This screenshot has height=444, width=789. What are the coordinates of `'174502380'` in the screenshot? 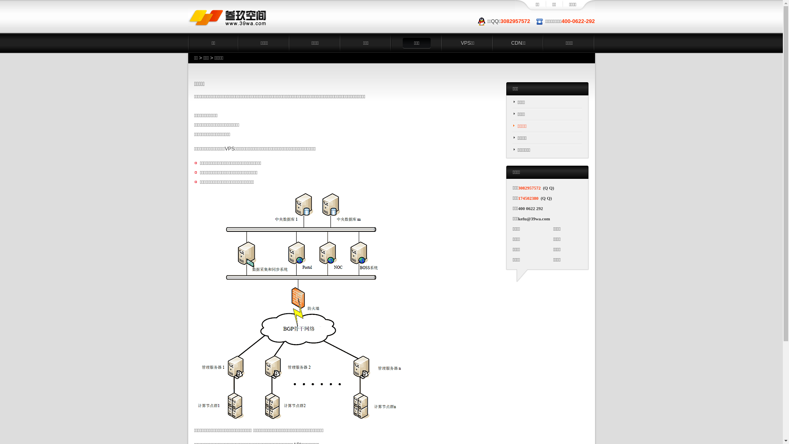 It's located at (528, 198).